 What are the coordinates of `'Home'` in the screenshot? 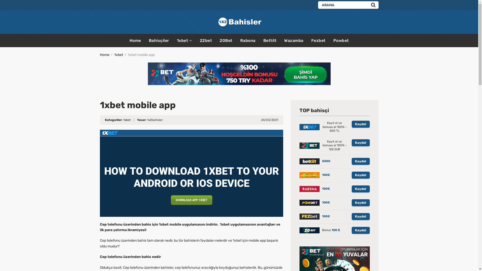 It's located at (135, 40).